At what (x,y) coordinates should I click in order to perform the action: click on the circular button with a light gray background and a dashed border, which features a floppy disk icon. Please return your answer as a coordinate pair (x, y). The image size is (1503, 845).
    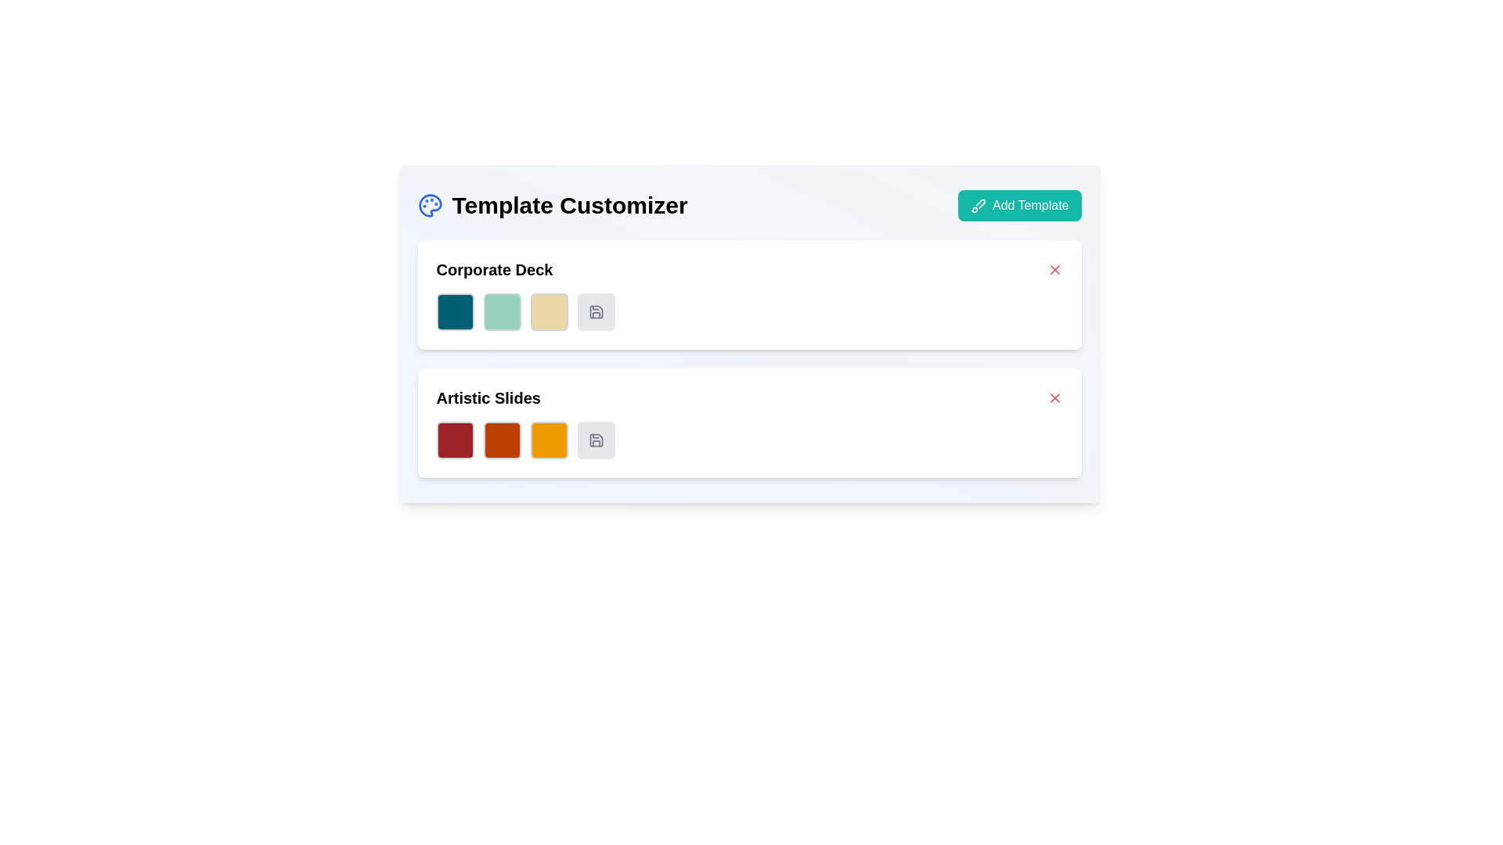
    Looking at the image, I should click on (595, 311).